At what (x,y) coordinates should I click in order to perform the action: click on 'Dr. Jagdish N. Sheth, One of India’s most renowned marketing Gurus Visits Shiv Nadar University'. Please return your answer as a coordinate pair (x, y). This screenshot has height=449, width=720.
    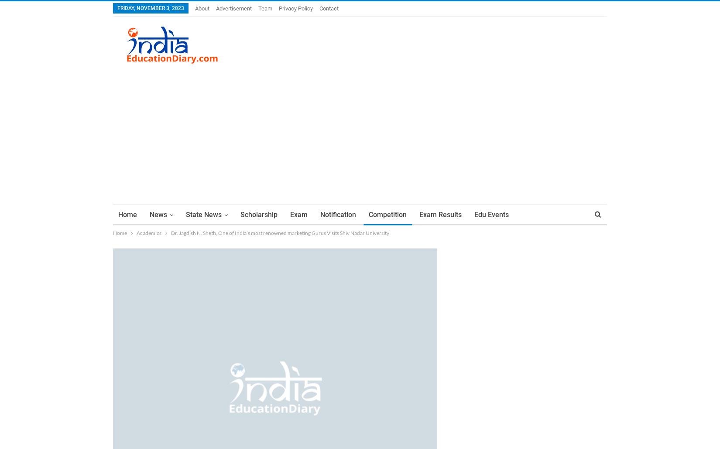
    Looking at the image, I should click on (280, 233).